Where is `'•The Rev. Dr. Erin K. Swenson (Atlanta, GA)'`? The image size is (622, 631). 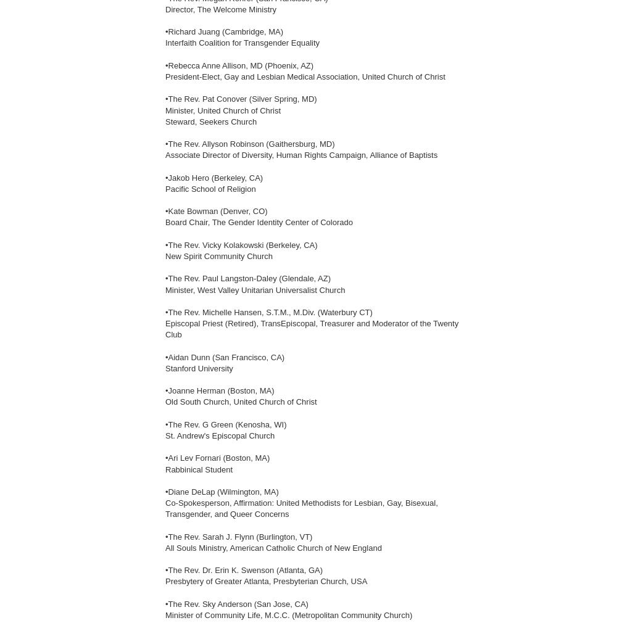
'•The Rev. Dr. Erin K. Swenson (Atlanta, GA)' is located at coordinates (244, 569).